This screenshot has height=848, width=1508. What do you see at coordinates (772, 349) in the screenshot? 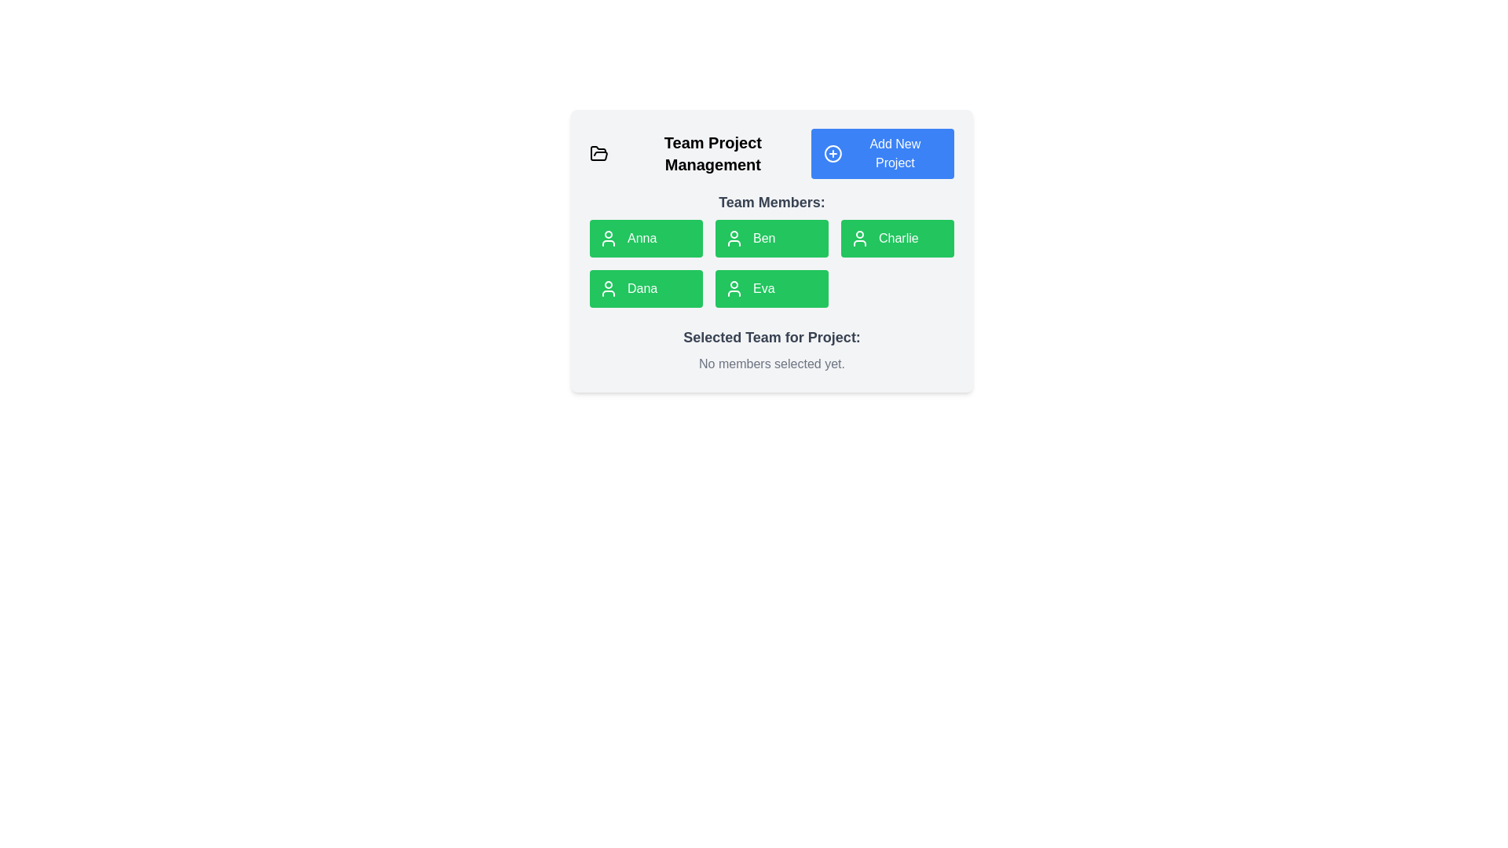
I see `the Text Block that displays 'Selected Team for Project:' and 'No members selected yet.' which is centrally aligned within a white-bordered section on a light gray background` at bounding box center [772, 349].